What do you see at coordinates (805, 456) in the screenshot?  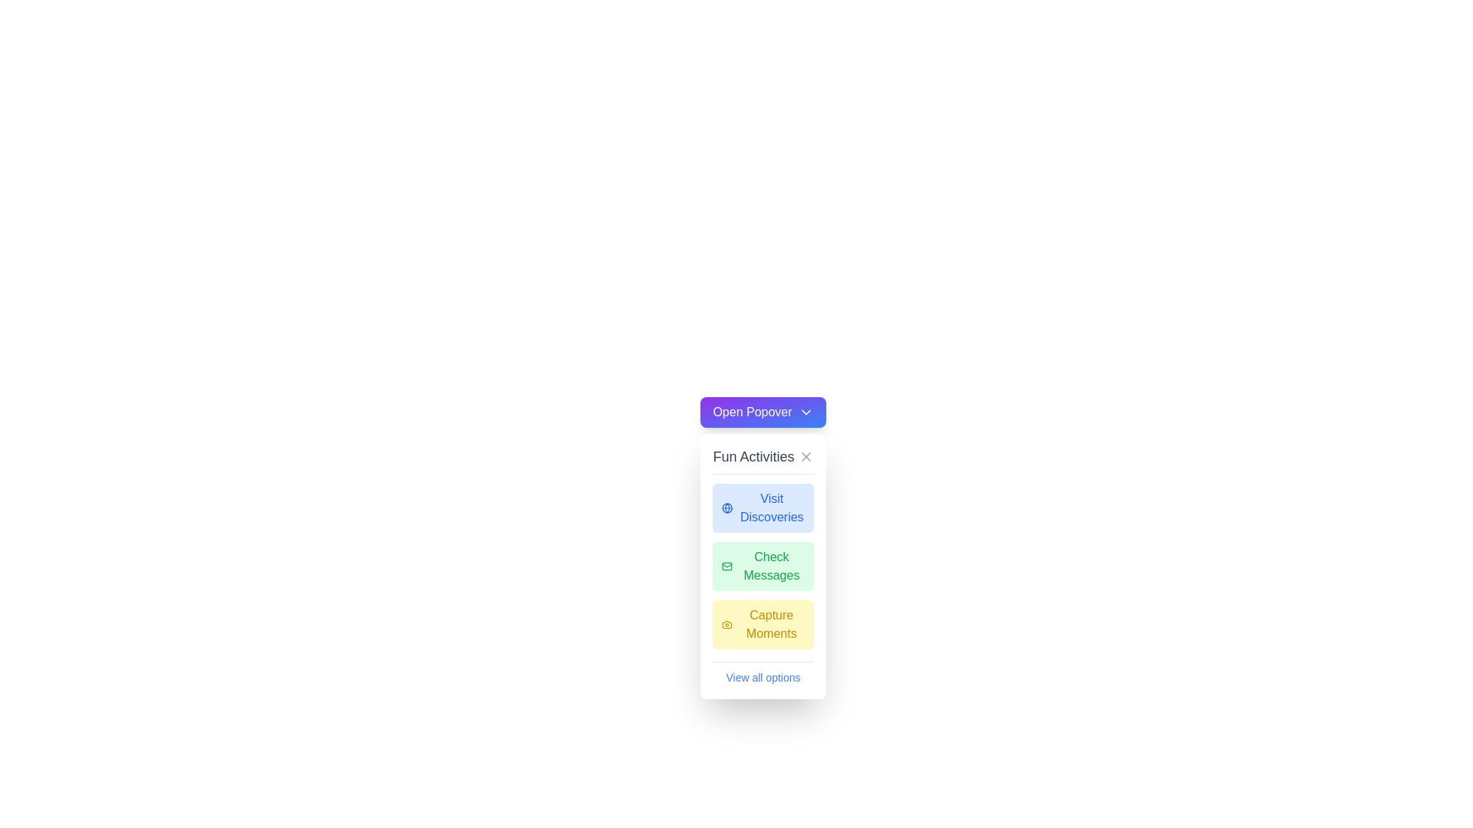 I see `the close button SVG icon that dismisses the 'Fun Activities' section, located slightly to the right of the main content area` at bounding box center [805, 456].